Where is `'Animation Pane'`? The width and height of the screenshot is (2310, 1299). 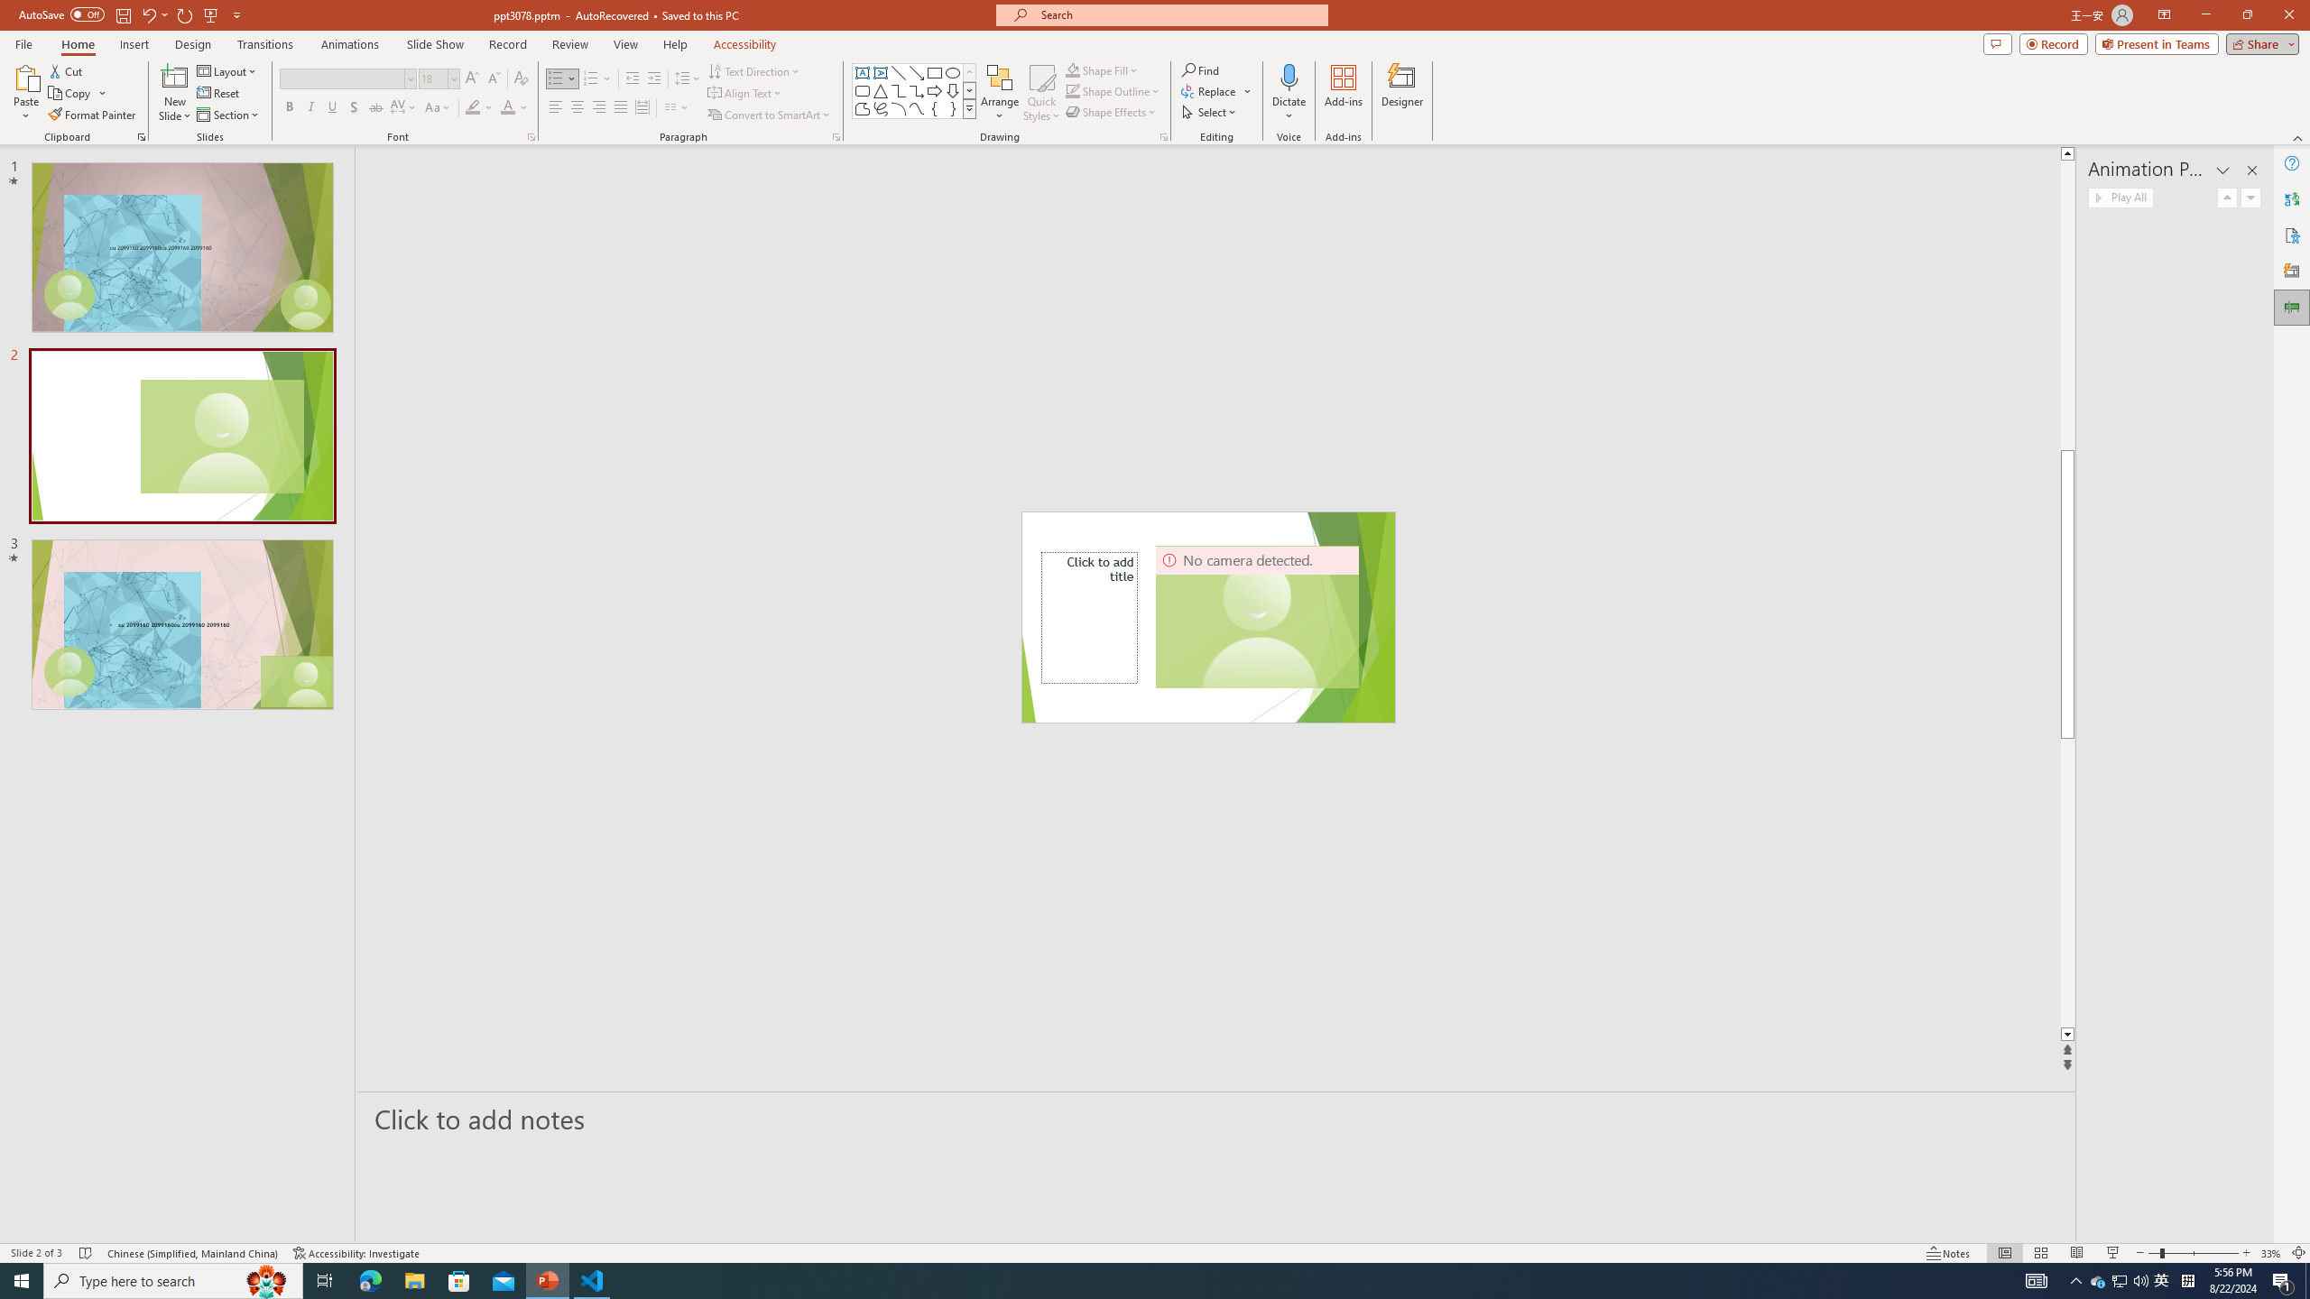 'Animation Pane' is located at coordinates (2291, 307).